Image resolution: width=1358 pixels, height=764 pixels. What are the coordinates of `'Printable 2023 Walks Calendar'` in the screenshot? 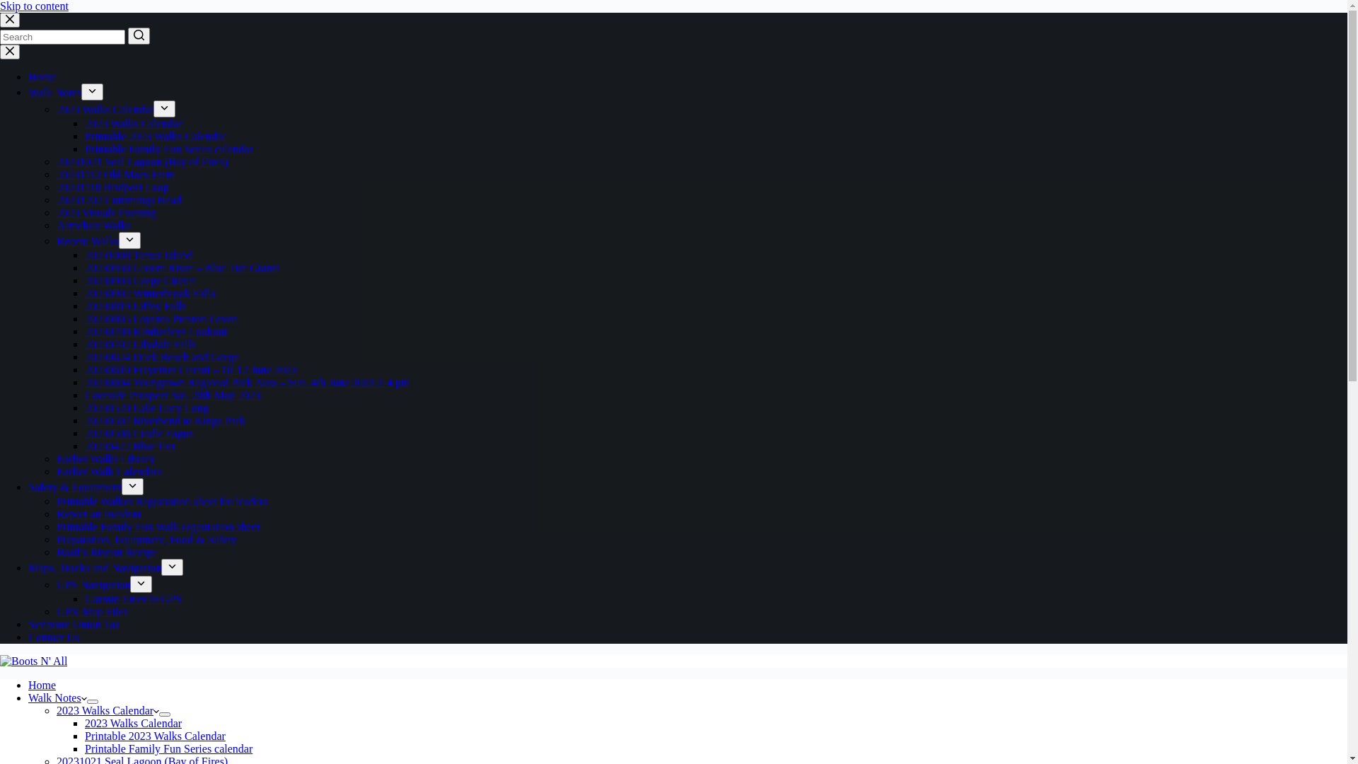 It's located at (84, 735).